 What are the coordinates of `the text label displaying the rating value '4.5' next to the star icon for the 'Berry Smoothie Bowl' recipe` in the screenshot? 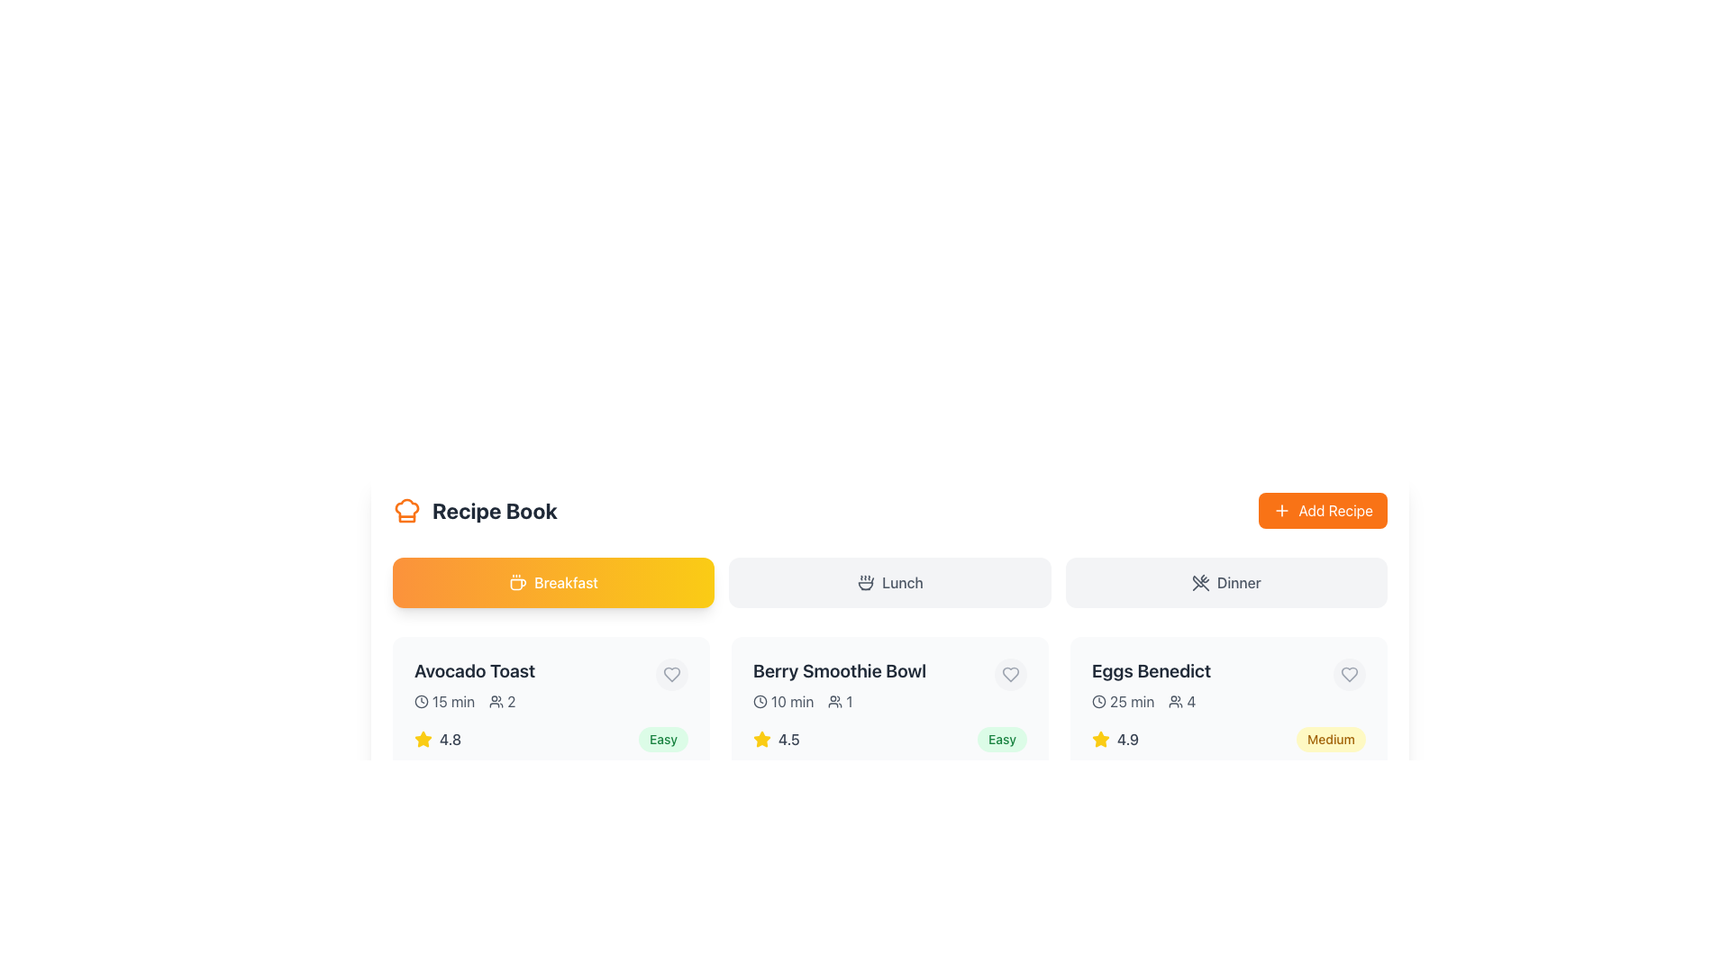 It's located at (788, 740).